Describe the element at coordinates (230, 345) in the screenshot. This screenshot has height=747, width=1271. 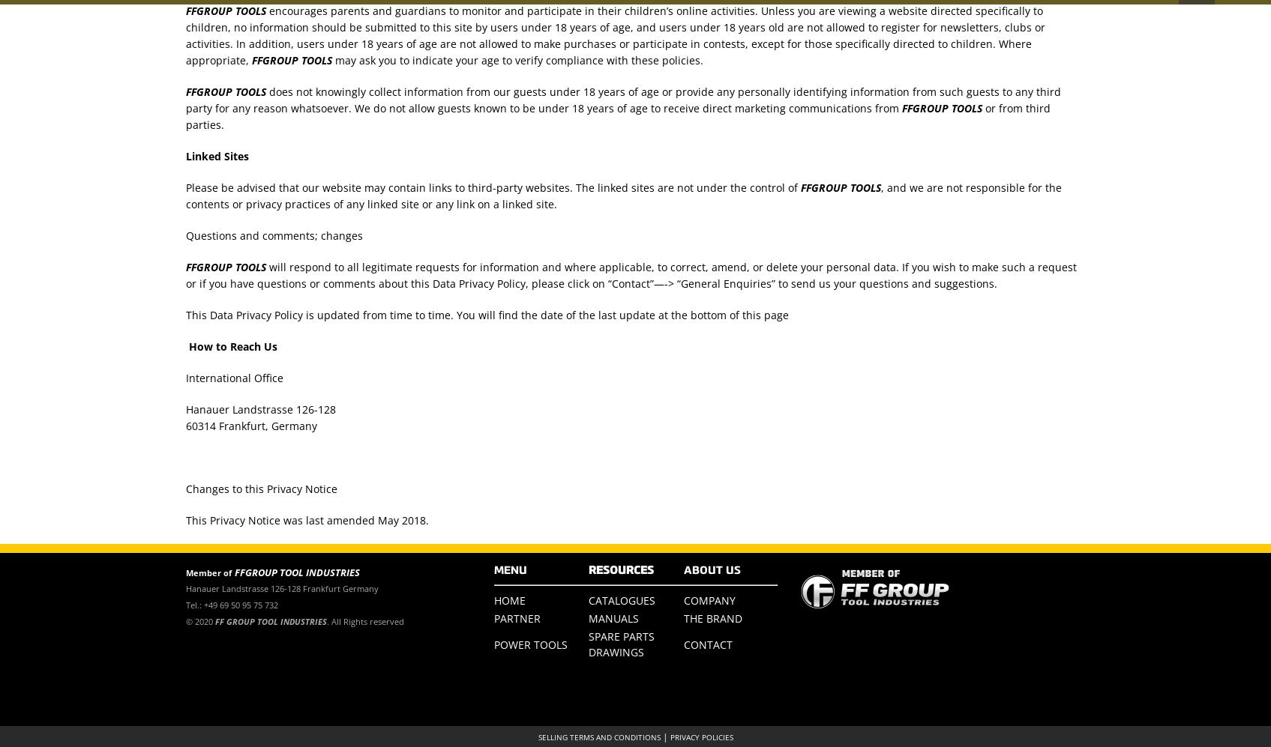
I see `'How to Reach Us'` at that location.